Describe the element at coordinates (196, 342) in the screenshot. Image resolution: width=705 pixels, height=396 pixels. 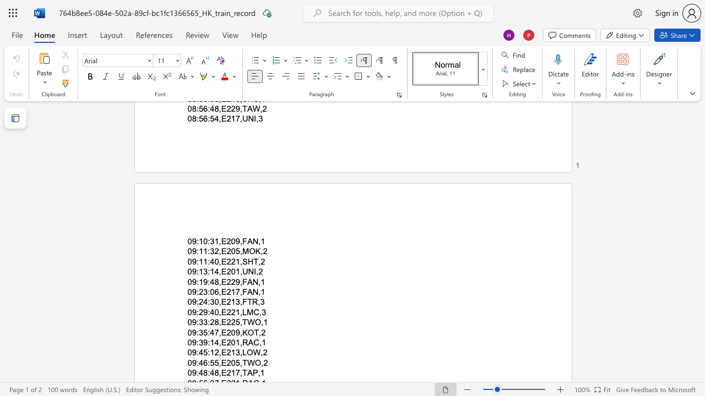
I see `the subset text ":3" within the text "09:39:14,E201,RAC,1"` at that location.